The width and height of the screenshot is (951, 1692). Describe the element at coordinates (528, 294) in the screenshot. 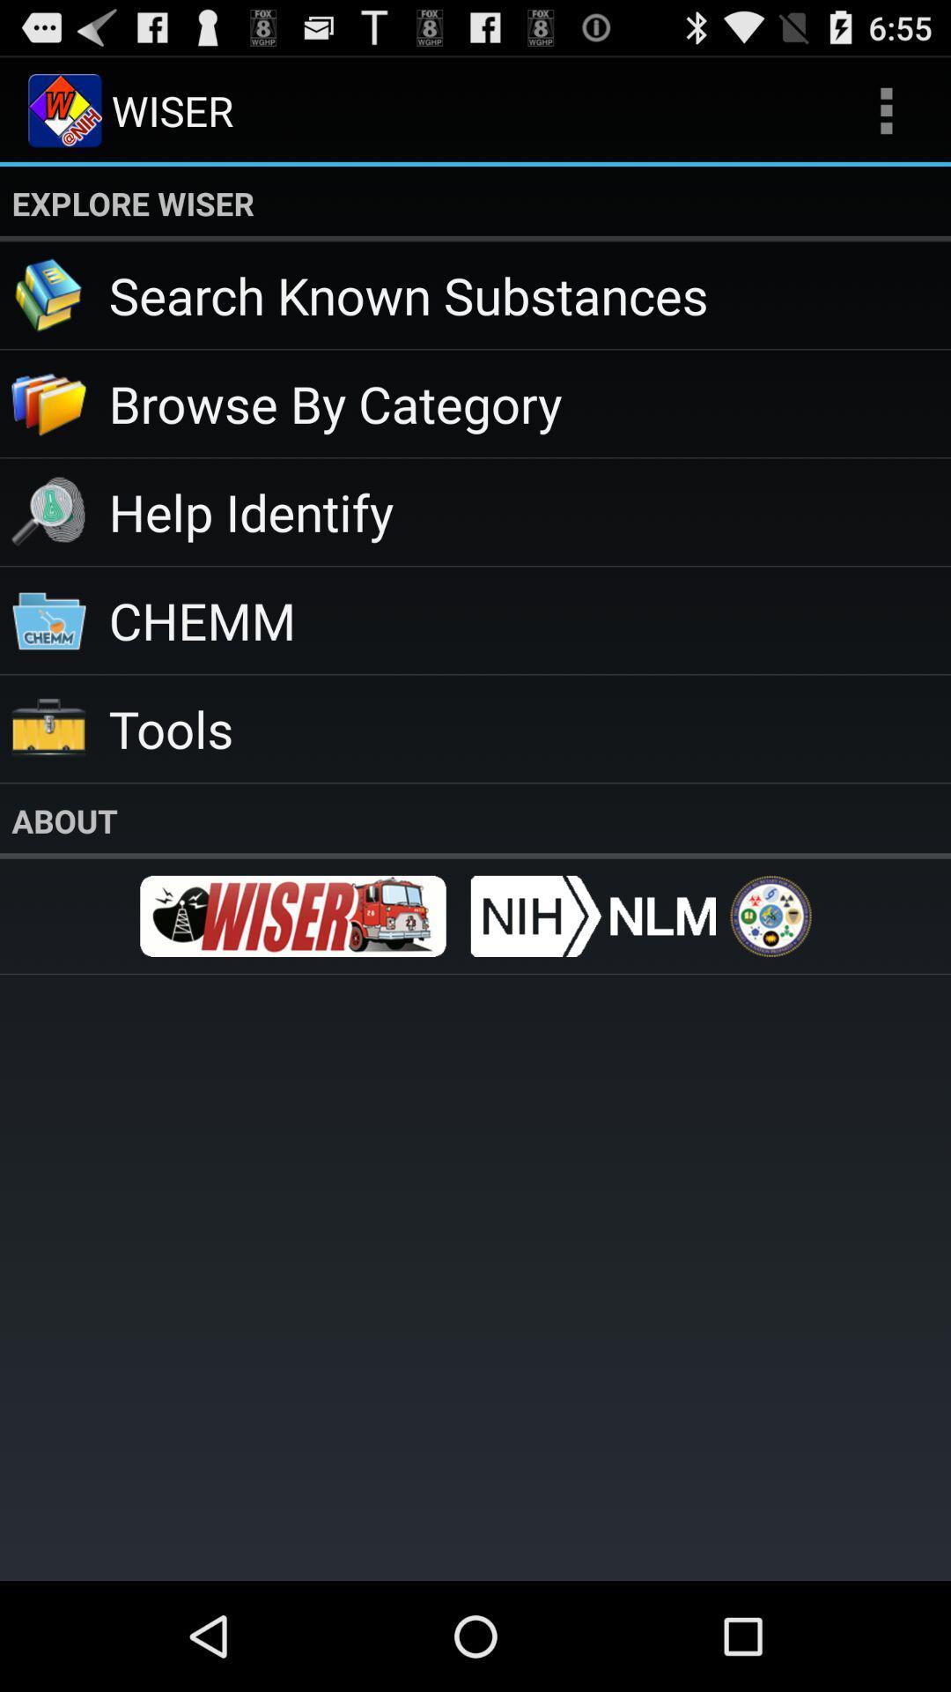

I see `the item below the explore wiser` at that location.